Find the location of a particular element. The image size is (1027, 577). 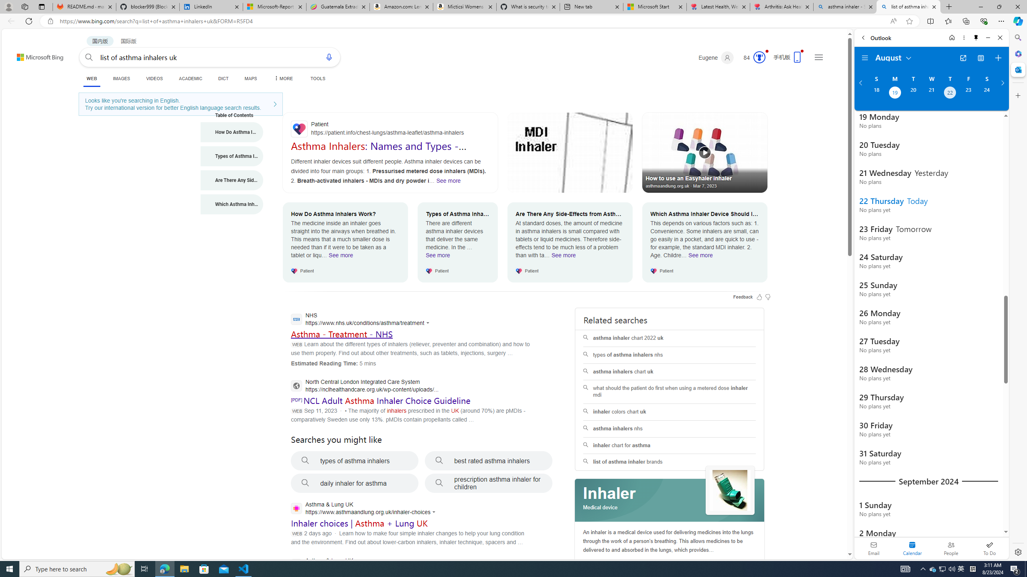

'prescription asthma inhaler for children' is located at coordinates (489, 483).